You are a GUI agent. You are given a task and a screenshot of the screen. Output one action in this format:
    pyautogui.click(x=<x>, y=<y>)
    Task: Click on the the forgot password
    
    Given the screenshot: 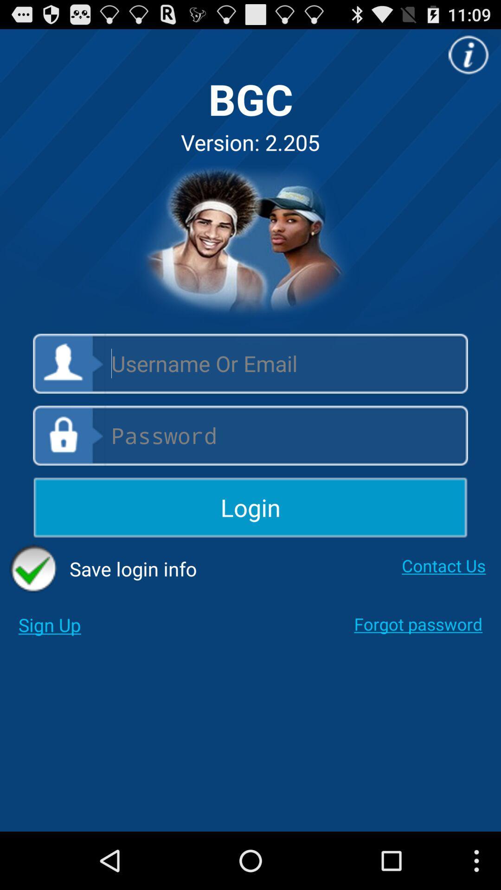 What is the action you would take?
    pyautogui.click(x=418, y=624)
    